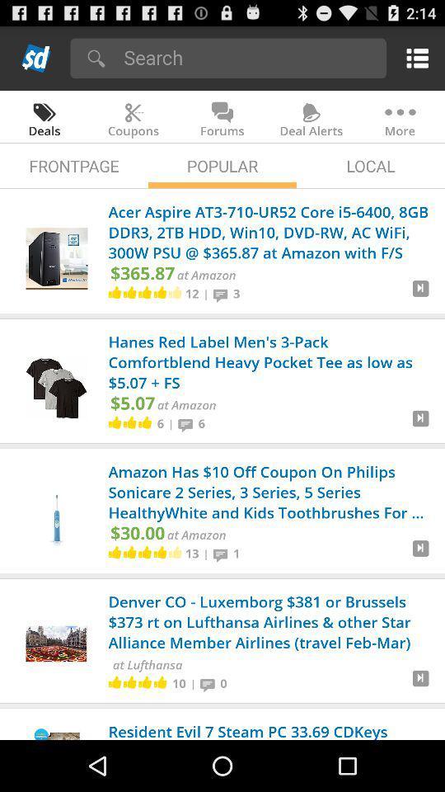 This screenshot has height=792, width=445. Describe the element at coordinates (249, 57) in the screenshot. I see `search` at that location.